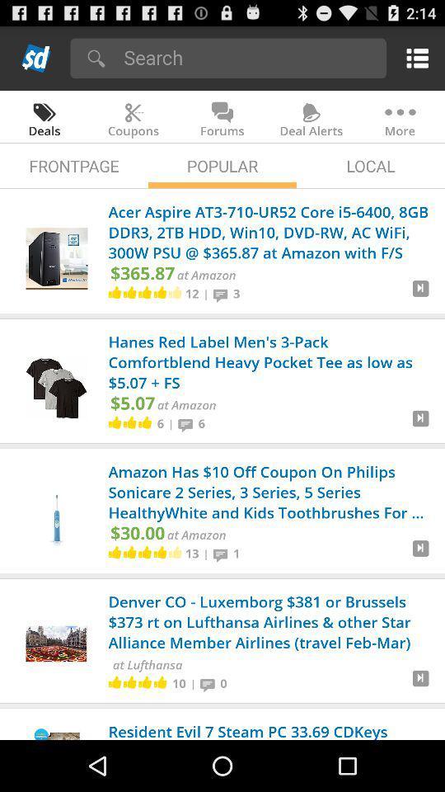 This screenshot has height=792, width=445. Describe the element at coordinates (249, 57) in the screenshot. I see `search` at that location.